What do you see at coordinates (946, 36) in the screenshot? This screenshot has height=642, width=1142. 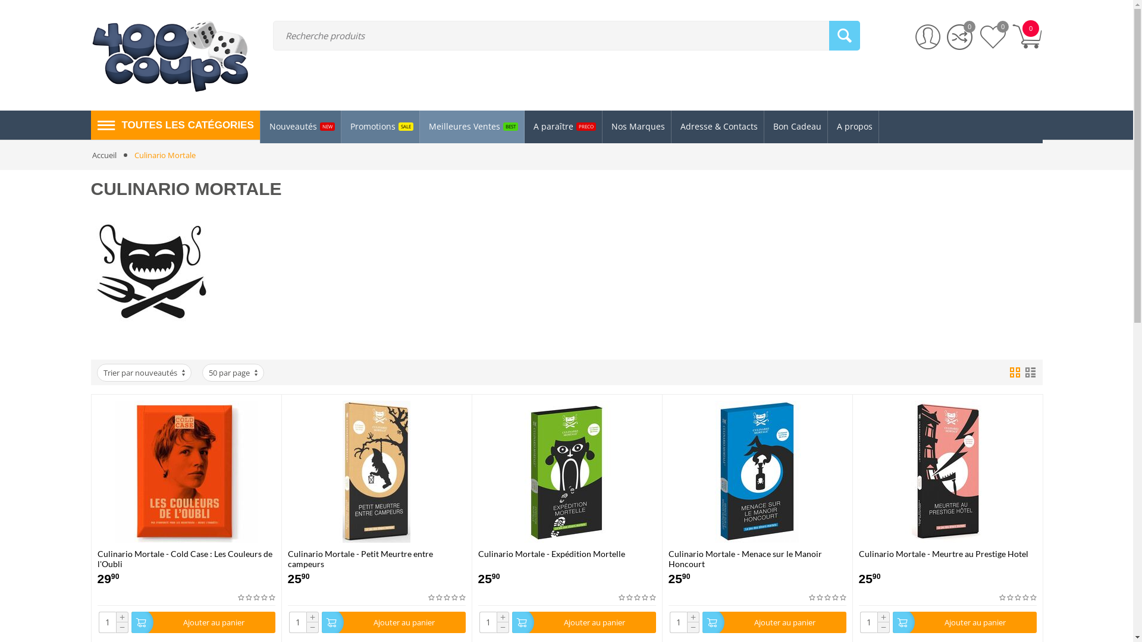 I see `'0'` at bounding box center [946, 36].